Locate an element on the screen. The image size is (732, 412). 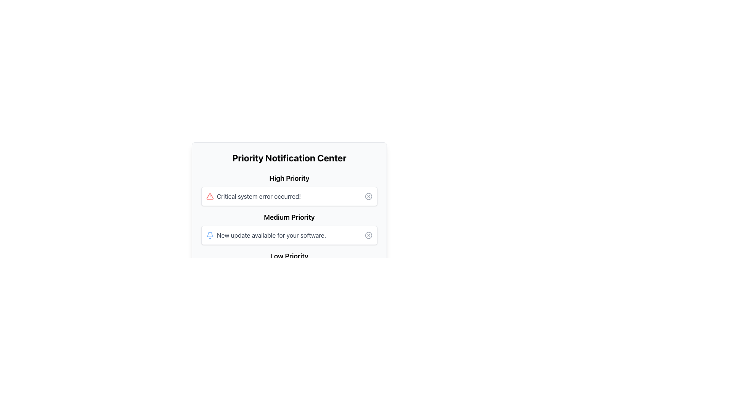
notification message from the first notification card in the 'High Priority' section of the 'Priority Notification Center' interface is located at coordinates (289, 196).